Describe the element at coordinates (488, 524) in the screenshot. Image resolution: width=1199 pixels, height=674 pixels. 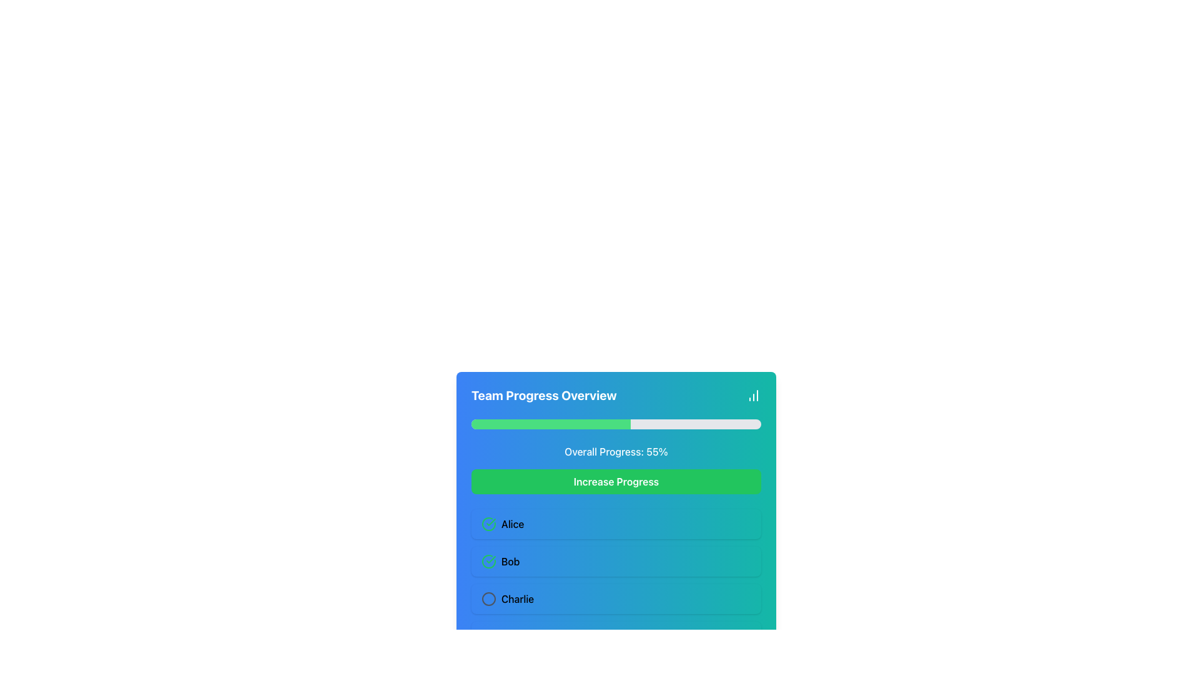
I see `the status indicator icon for user 'Alice', which is the first icon in the row associated with her name, located to the left of the text 'Alice'` at that location.